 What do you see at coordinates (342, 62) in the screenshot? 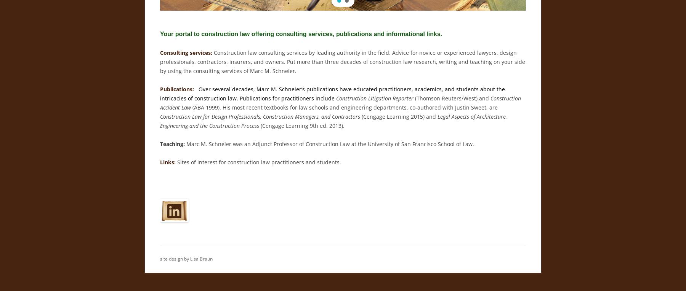
I see `'Construction law consulting services by leading authority in the field. Advice for novice or experienced lawyers, design professionals, contractors, insurers, and owners. Put more than three decades of construction law research, writing and teaching on your side by using the consulting services of Marc M. Schneier.'` at bounding box center [342, 62].